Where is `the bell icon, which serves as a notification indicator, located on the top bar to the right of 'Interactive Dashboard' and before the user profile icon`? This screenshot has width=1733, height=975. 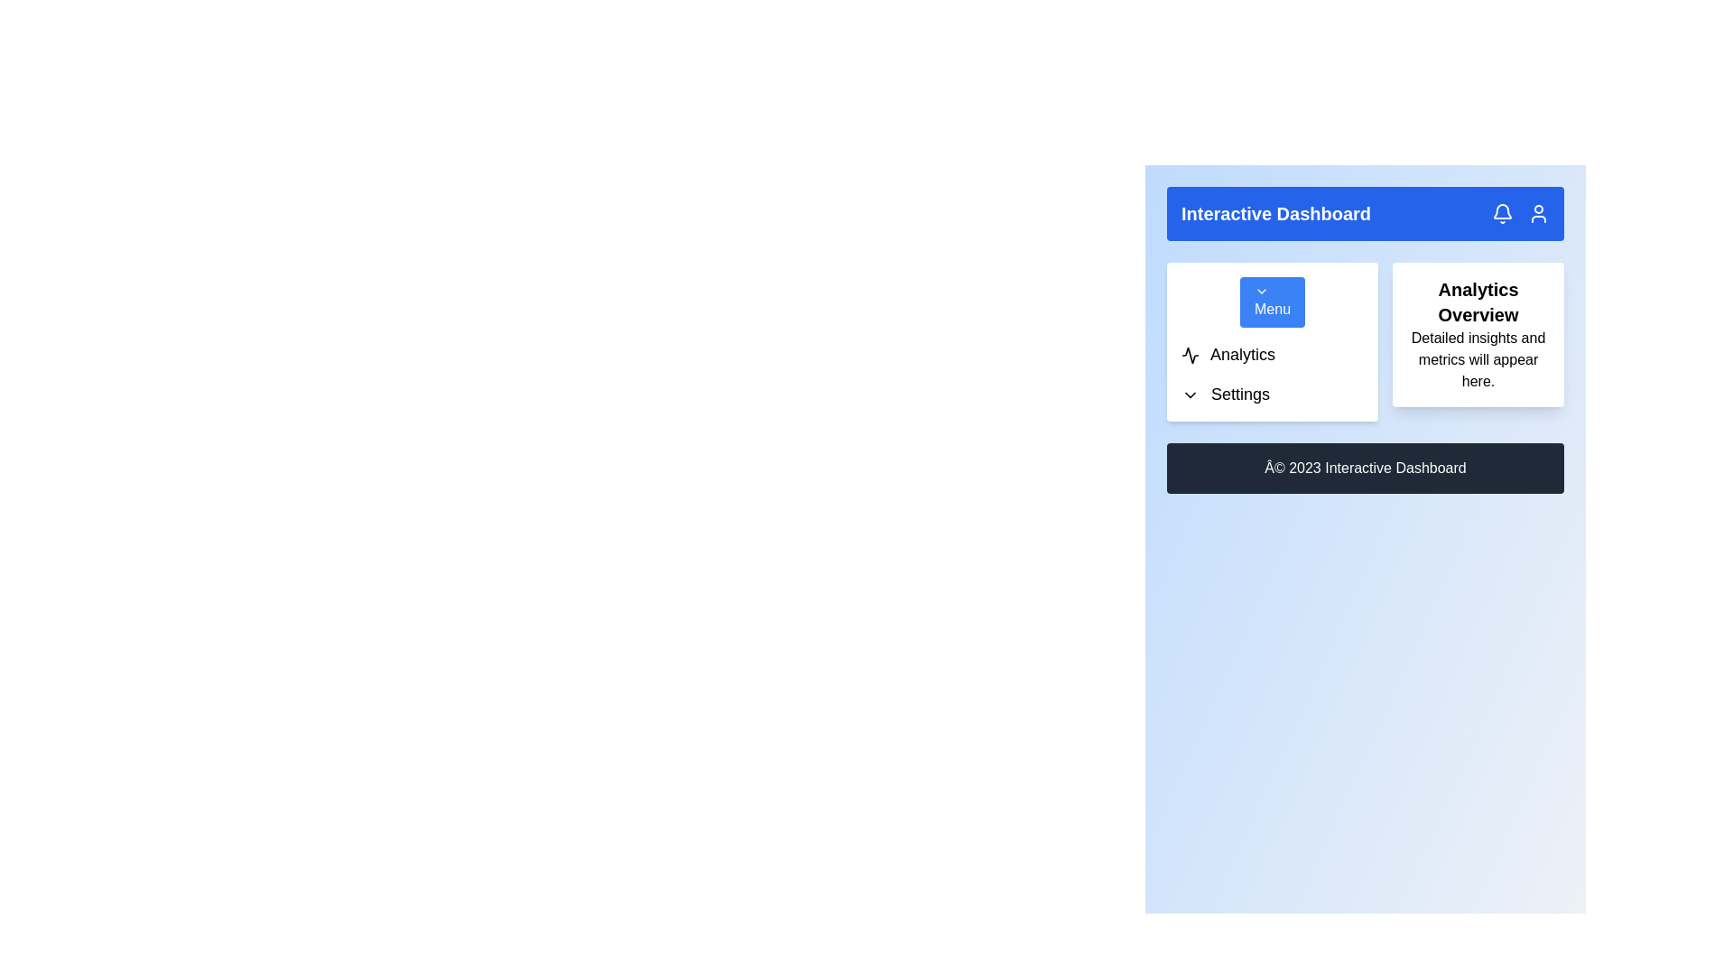 the bell icon, which serves as a notification indicator, located on the top bar to the right of 'Interactive Dashboard' and before the user profile icon is located at coordinates (1503, 210).